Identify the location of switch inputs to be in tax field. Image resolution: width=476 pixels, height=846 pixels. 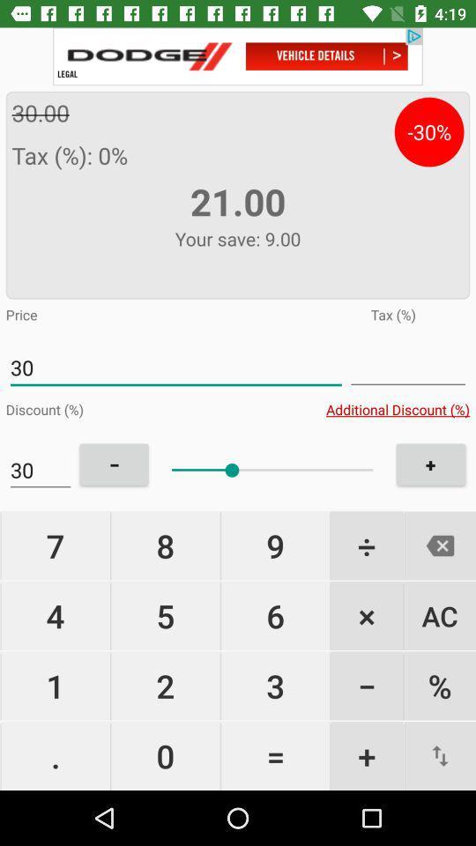
(408, 367).